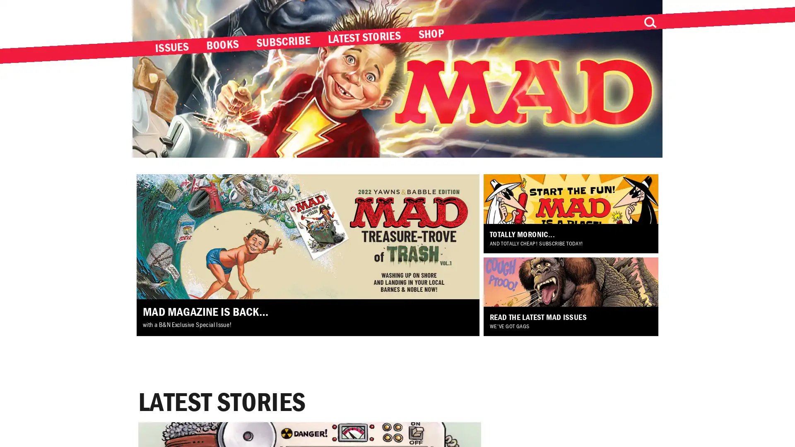  I want to click on go, so click(649, 22).